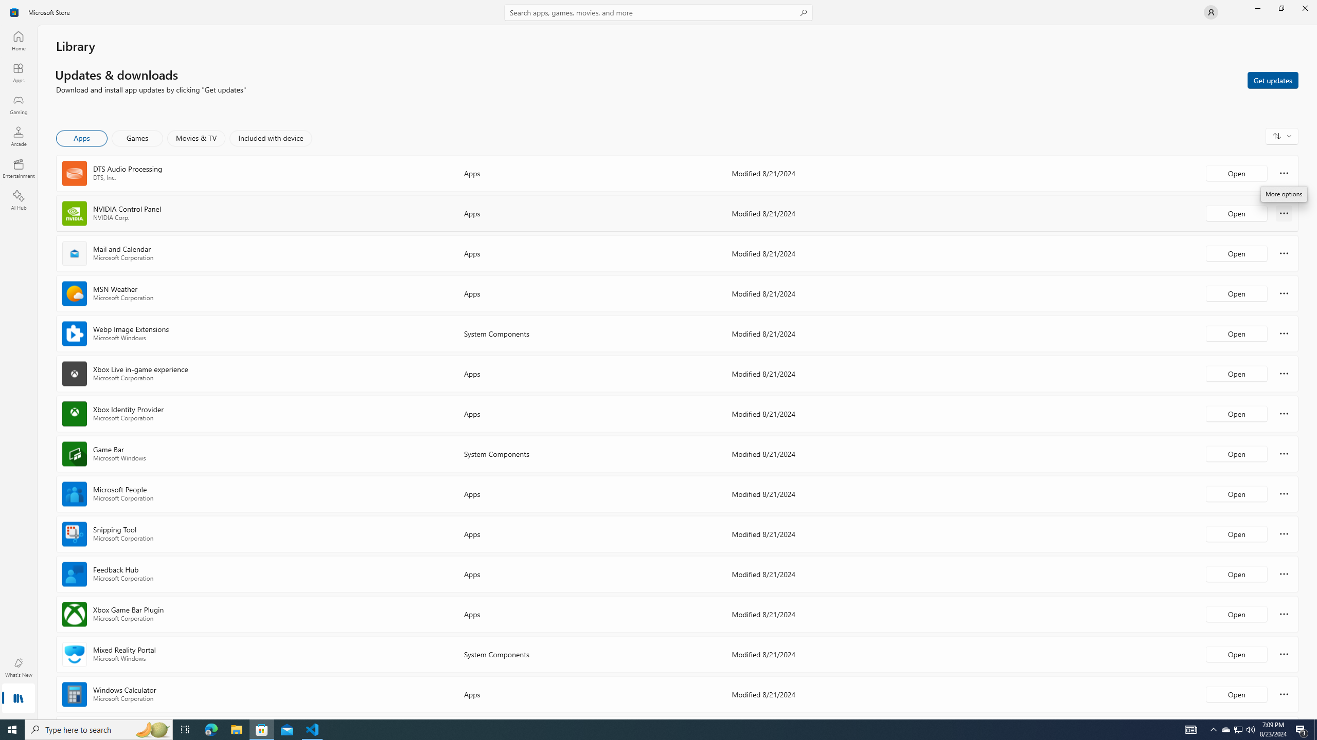 The height and width of the screenshot is (740, 1317). What do you see at coordinates (17, 199) in the screenshot?
I see `'AI Hub'` at bounding box center [17, 199].